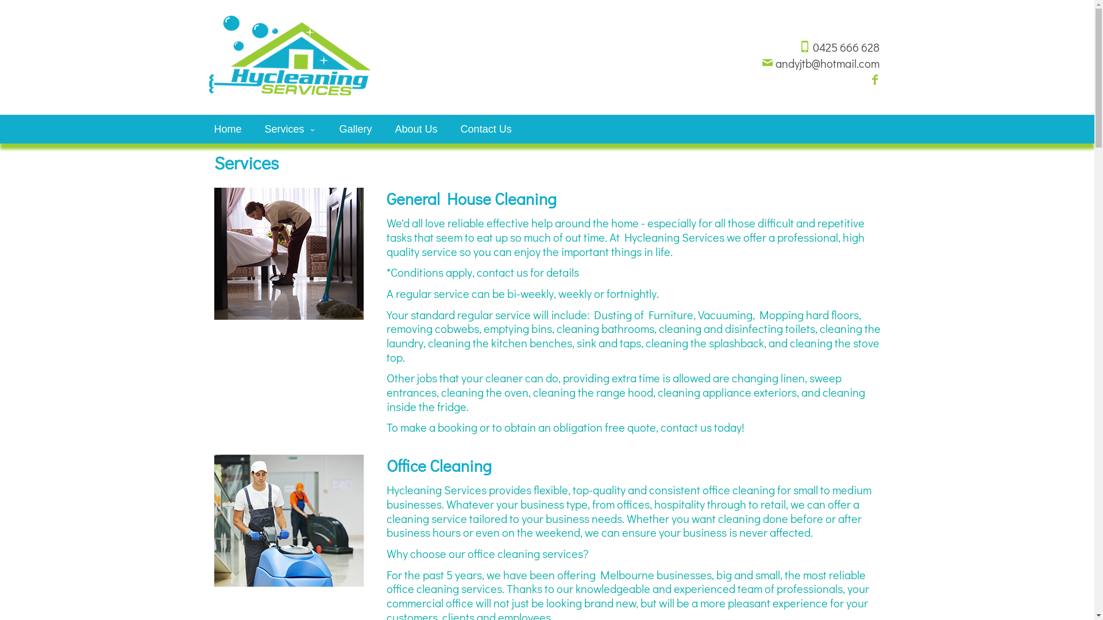  I want to click on 'Gallery', so click(355, 129).